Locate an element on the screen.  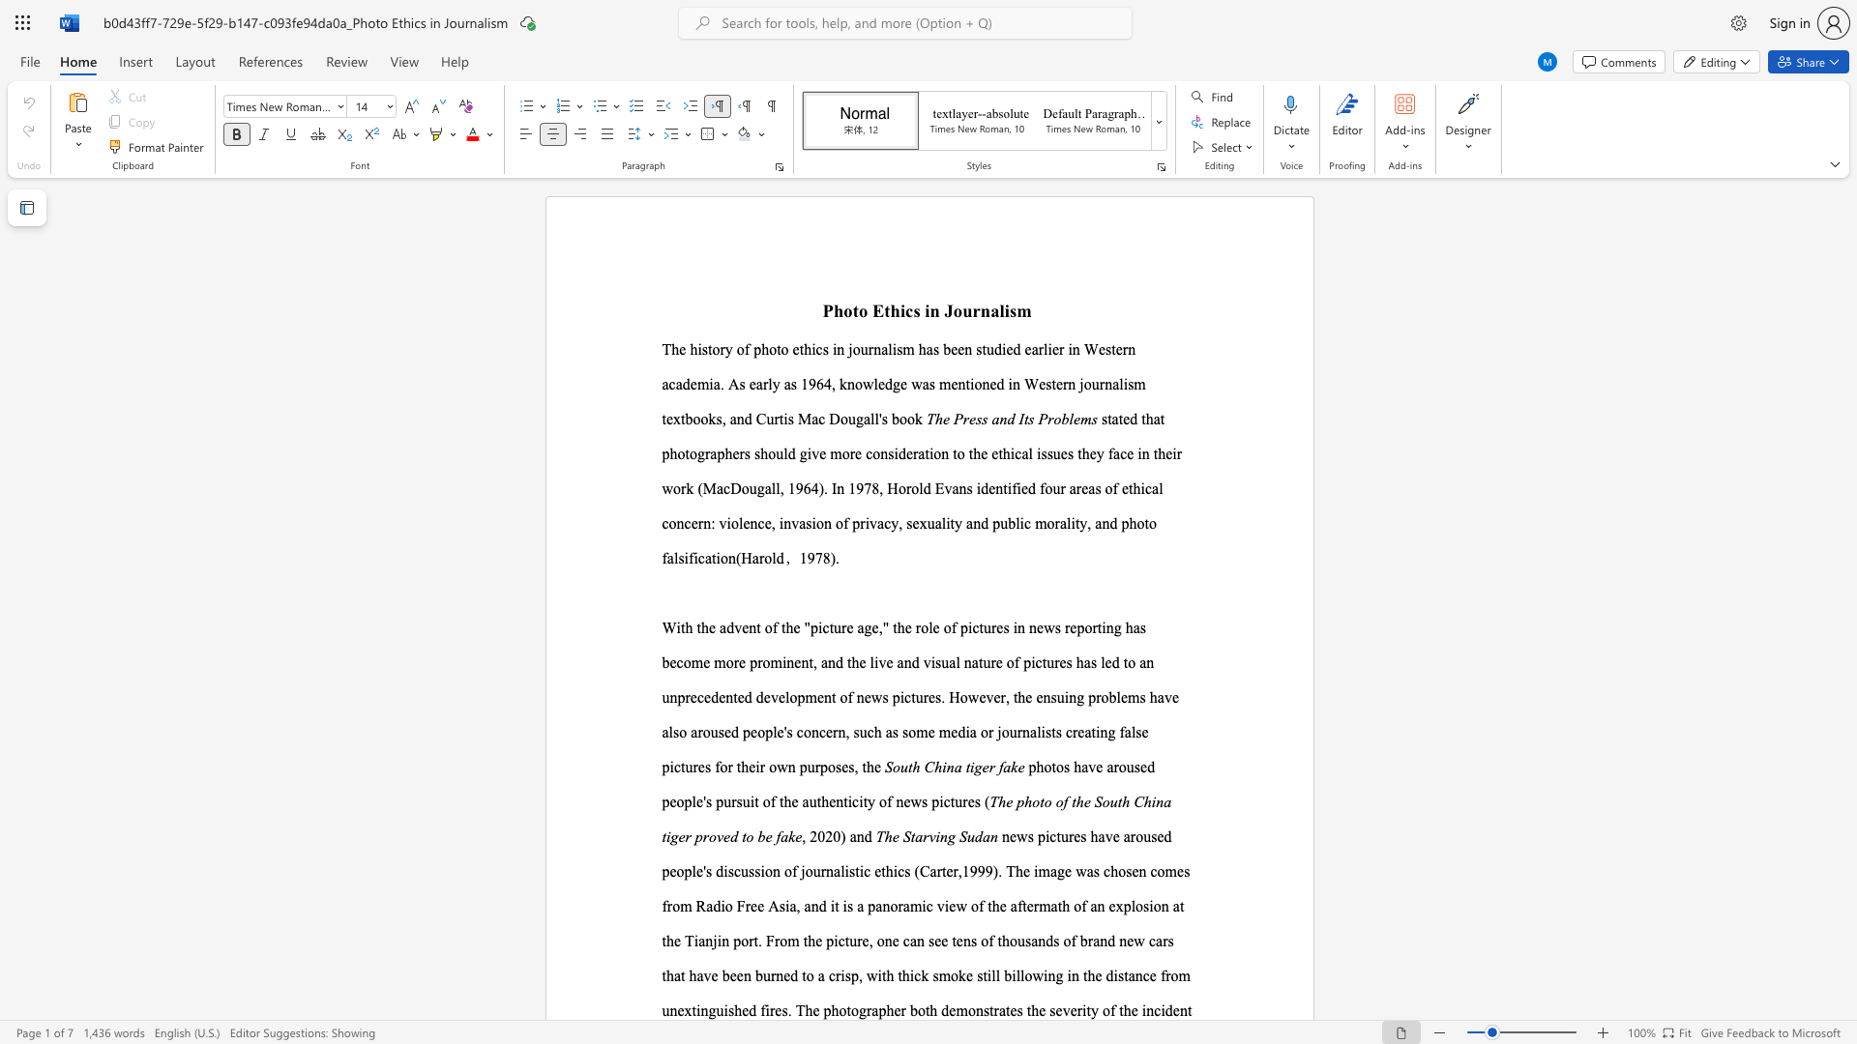
the 1th character "t" in the text is located at coordinates (1025, 418).